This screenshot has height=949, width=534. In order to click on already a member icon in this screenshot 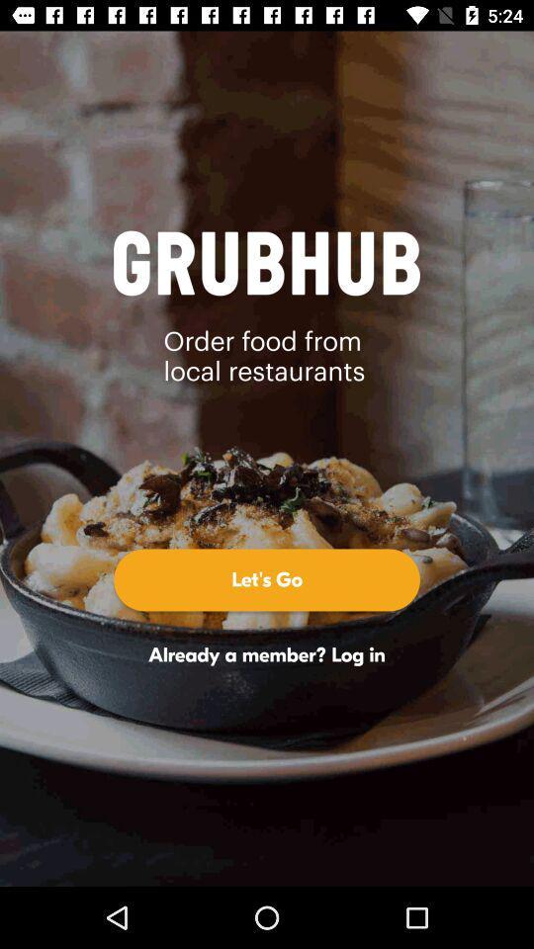, I will do `click(267, 654)`.